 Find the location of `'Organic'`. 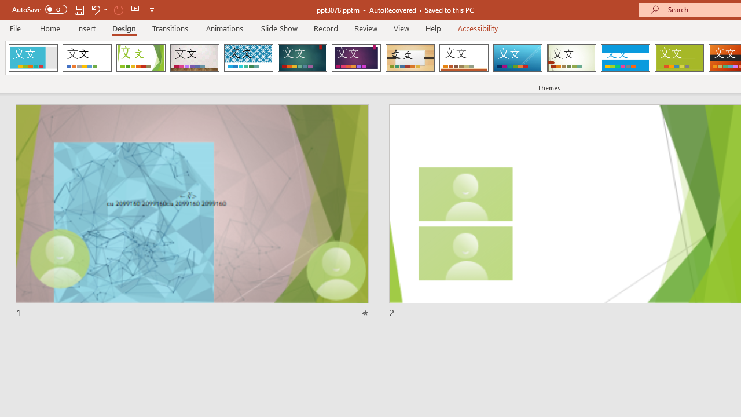

'Organic' is located at coordinates (410, 58).